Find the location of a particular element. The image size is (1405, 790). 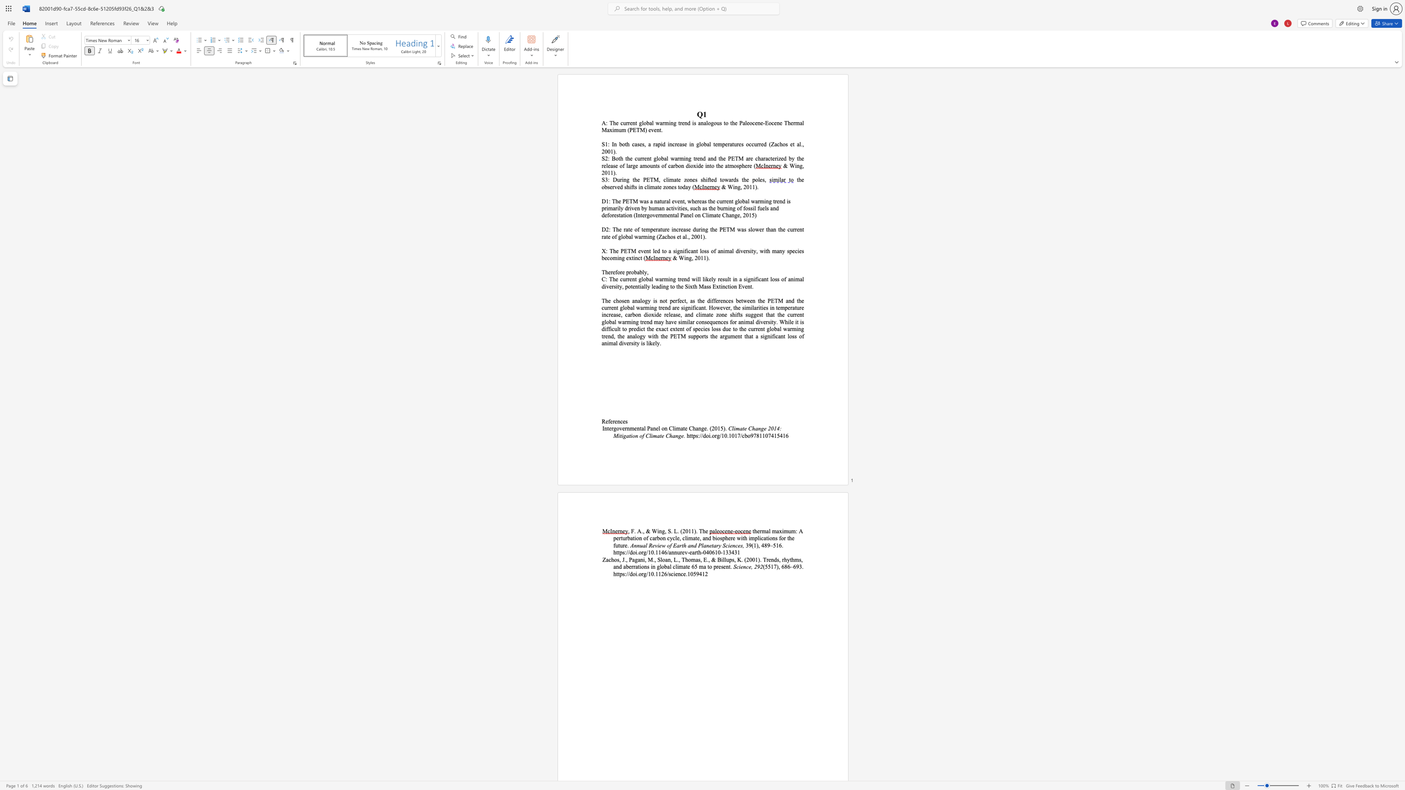

the subset text "characterized by the r" within the text "PETM are characterized by the release of" is located at coordinates (755, 158).